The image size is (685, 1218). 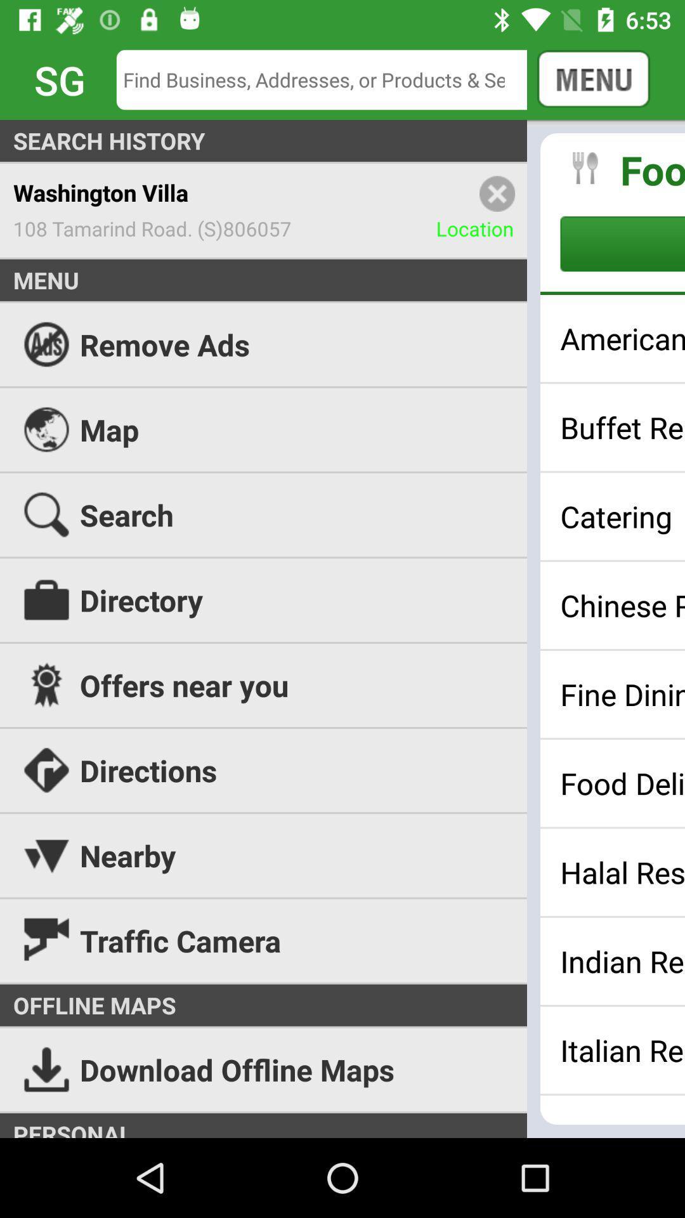 I want to click on item above the nearby icon, so click(x=342, y=769).